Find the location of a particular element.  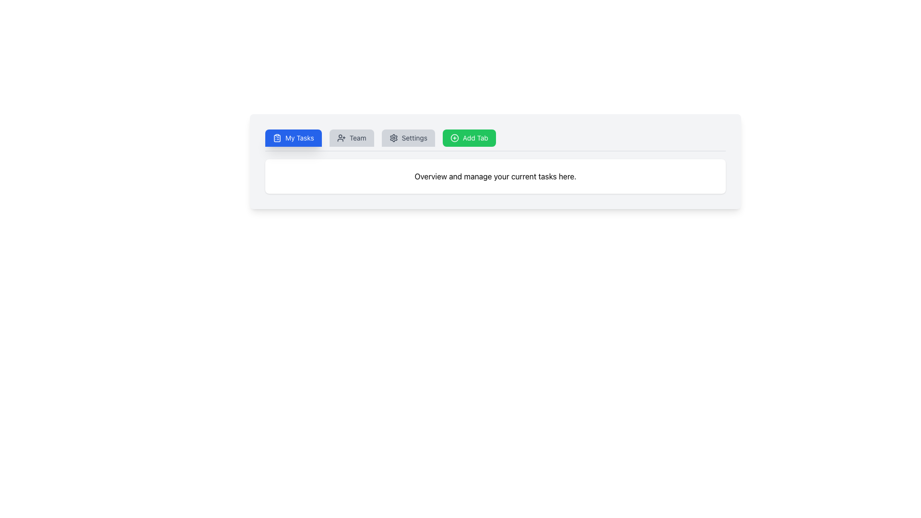

text displayed on the 'Add Tab' button, which is a white label on a green button in the top right section of the interface is located at coordinates (475, 138).